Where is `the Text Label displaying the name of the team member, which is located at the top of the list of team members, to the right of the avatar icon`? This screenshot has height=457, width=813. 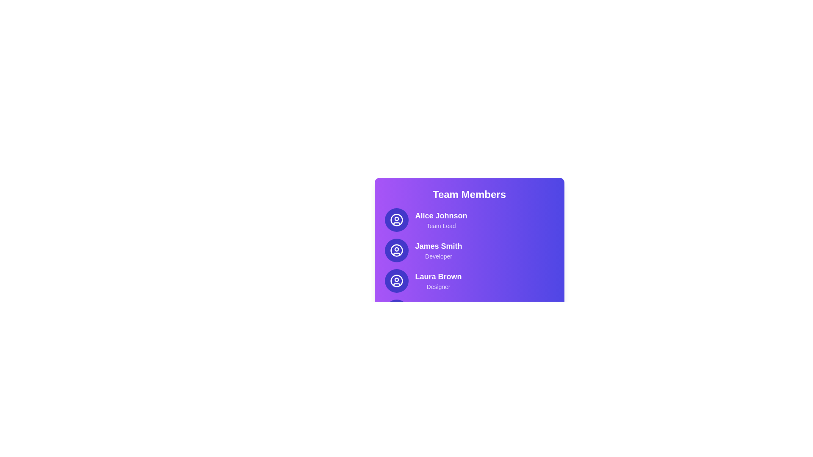
the Text Label displaying the name of the team member, which is located at the top of the list of team members, to the right of the avatar icon is located at coordinates (440, 215).